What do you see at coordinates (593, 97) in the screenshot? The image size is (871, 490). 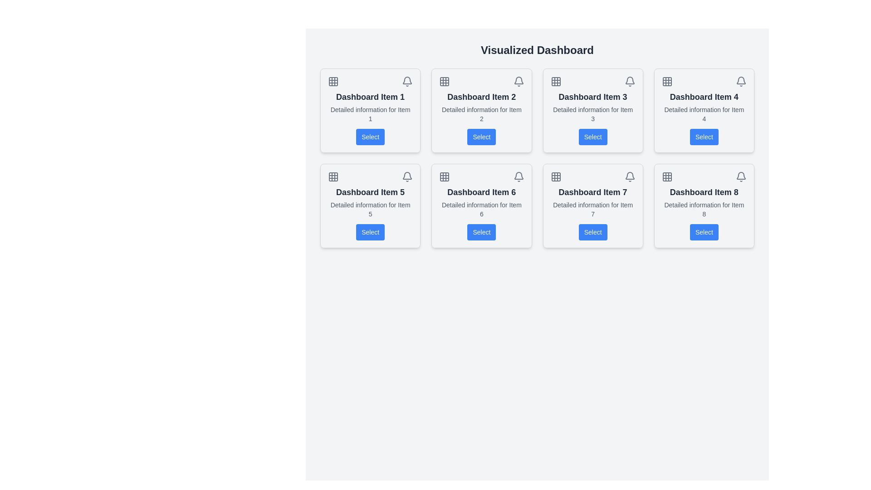 I see `the Text Label identifying 'Dashboard Item 3', which is located in the second row and second column of the dashboard card layout` at bounding box center [593, 97].